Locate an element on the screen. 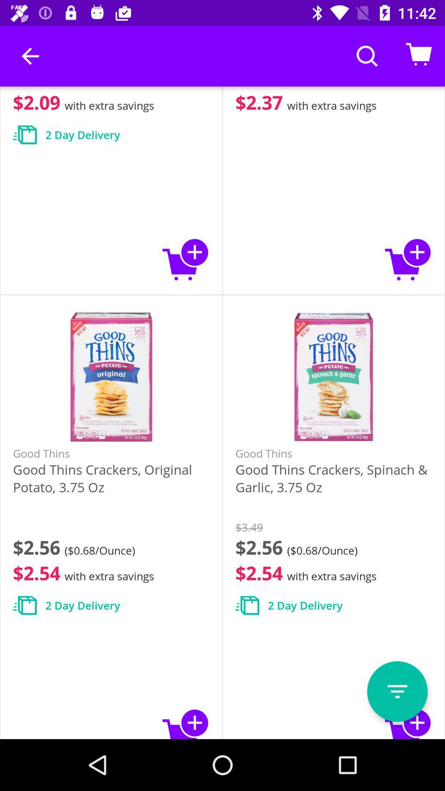  icon to the left of the ($0.26/ounce) is located at coordinates (30, 56).